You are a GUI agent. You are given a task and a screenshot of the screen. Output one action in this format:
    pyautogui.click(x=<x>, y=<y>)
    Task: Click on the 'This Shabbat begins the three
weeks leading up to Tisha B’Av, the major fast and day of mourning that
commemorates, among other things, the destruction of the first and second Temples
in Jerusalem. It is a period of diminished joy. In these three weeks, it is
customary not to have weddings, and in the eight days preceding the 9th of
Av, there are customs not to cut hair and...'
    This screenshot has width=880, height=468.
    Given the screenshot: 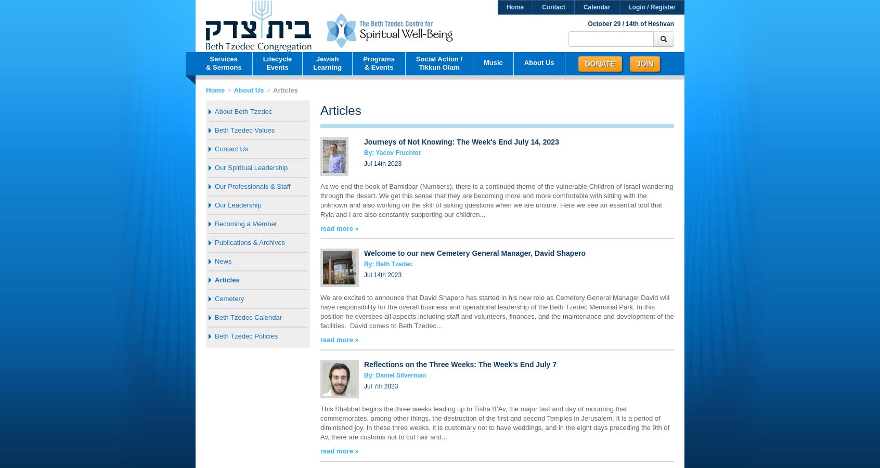 What is the action you would take?
    pyautogui.click(x=495, y=423)
    